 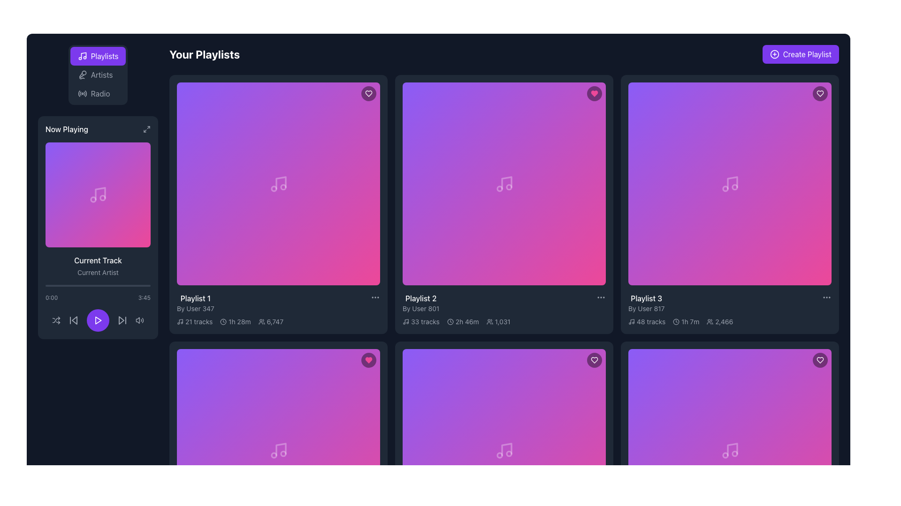 I want to click on the heart icon within the rounded black circular button in the top-right corner of the 'Playlist 3' box, so click(x=594, y=359).